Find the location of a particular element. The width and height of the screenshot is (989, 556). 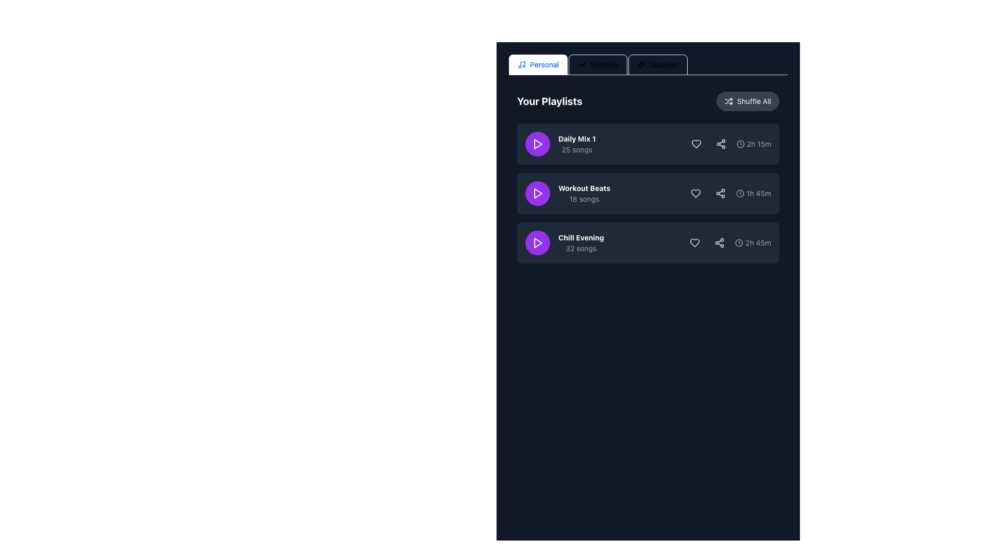

the heart-shaped icon to the right of the playlist titled 'Daily Mix 1' is located at coordinates (696, 144).